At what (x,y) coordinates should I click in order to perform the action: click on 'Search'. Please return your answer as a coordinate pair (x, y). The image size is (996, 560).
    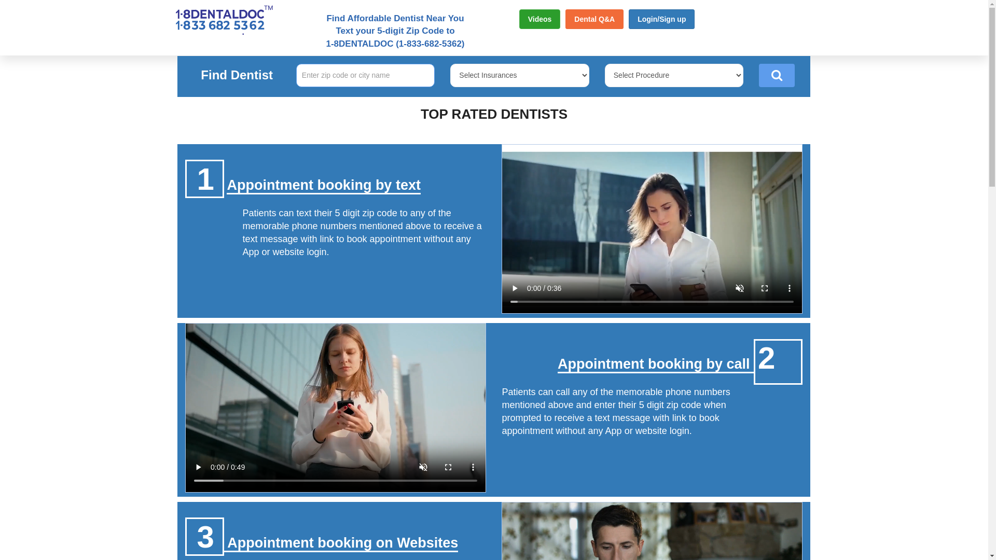
    Looking at the image, I should click on (777, 75).